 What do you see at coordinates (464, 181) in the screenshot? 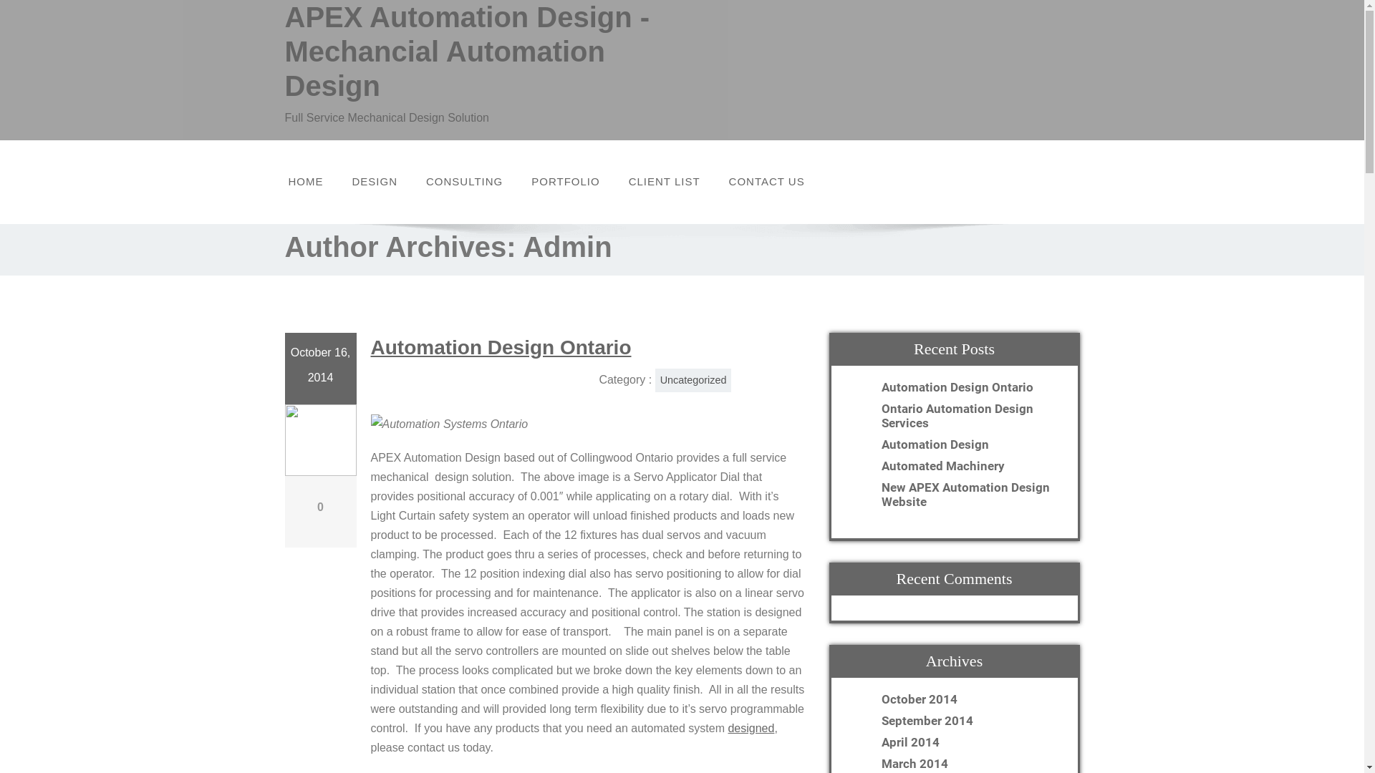
I see `'CONSULTING'` at bounding box center [464, 181].